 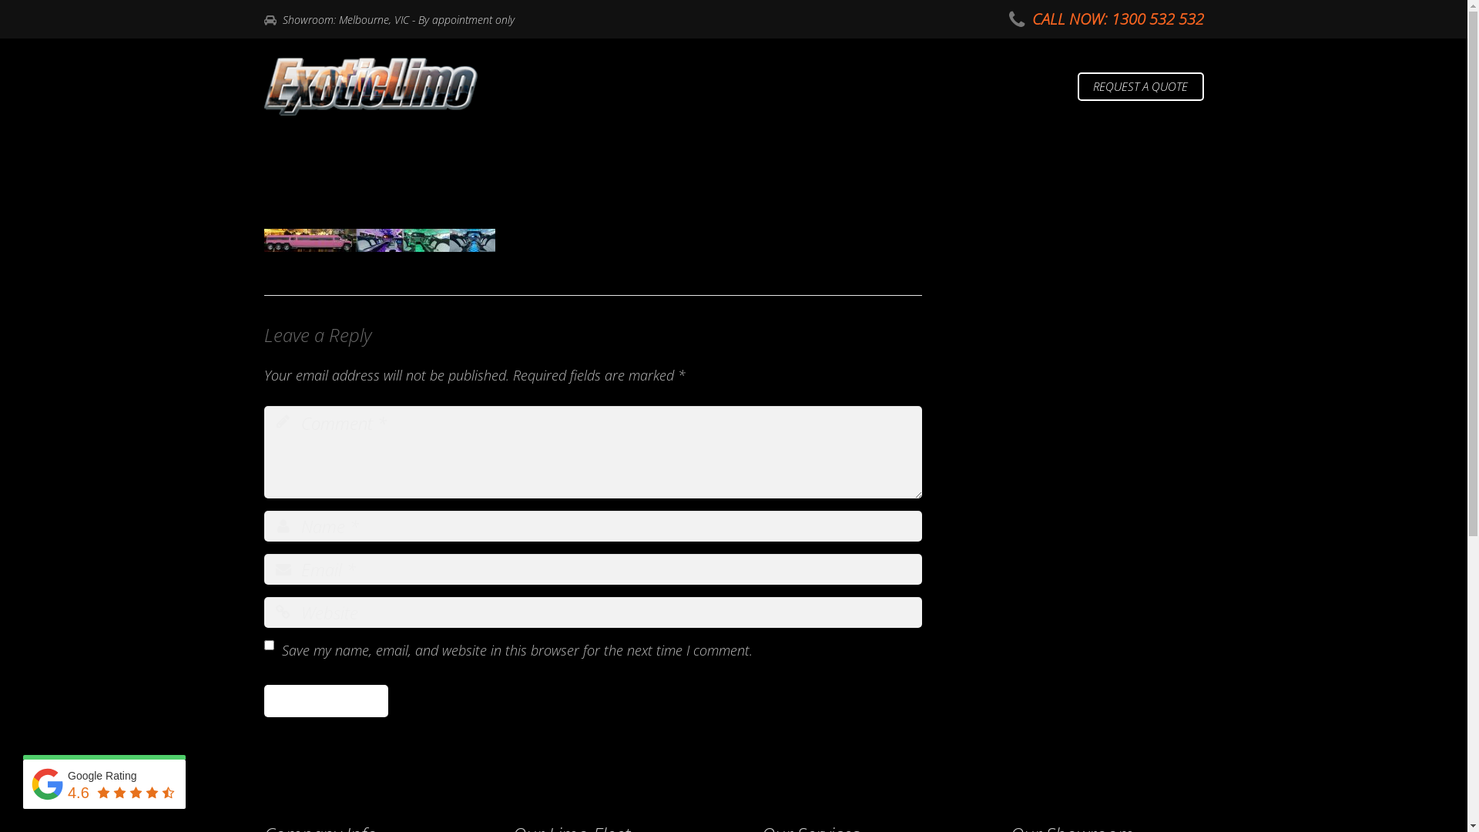 What do you see at coordinates (1141, 86) in the screenshot?
I see `'REQUEST A QUOTE'` at bounding box center [1141, 86].